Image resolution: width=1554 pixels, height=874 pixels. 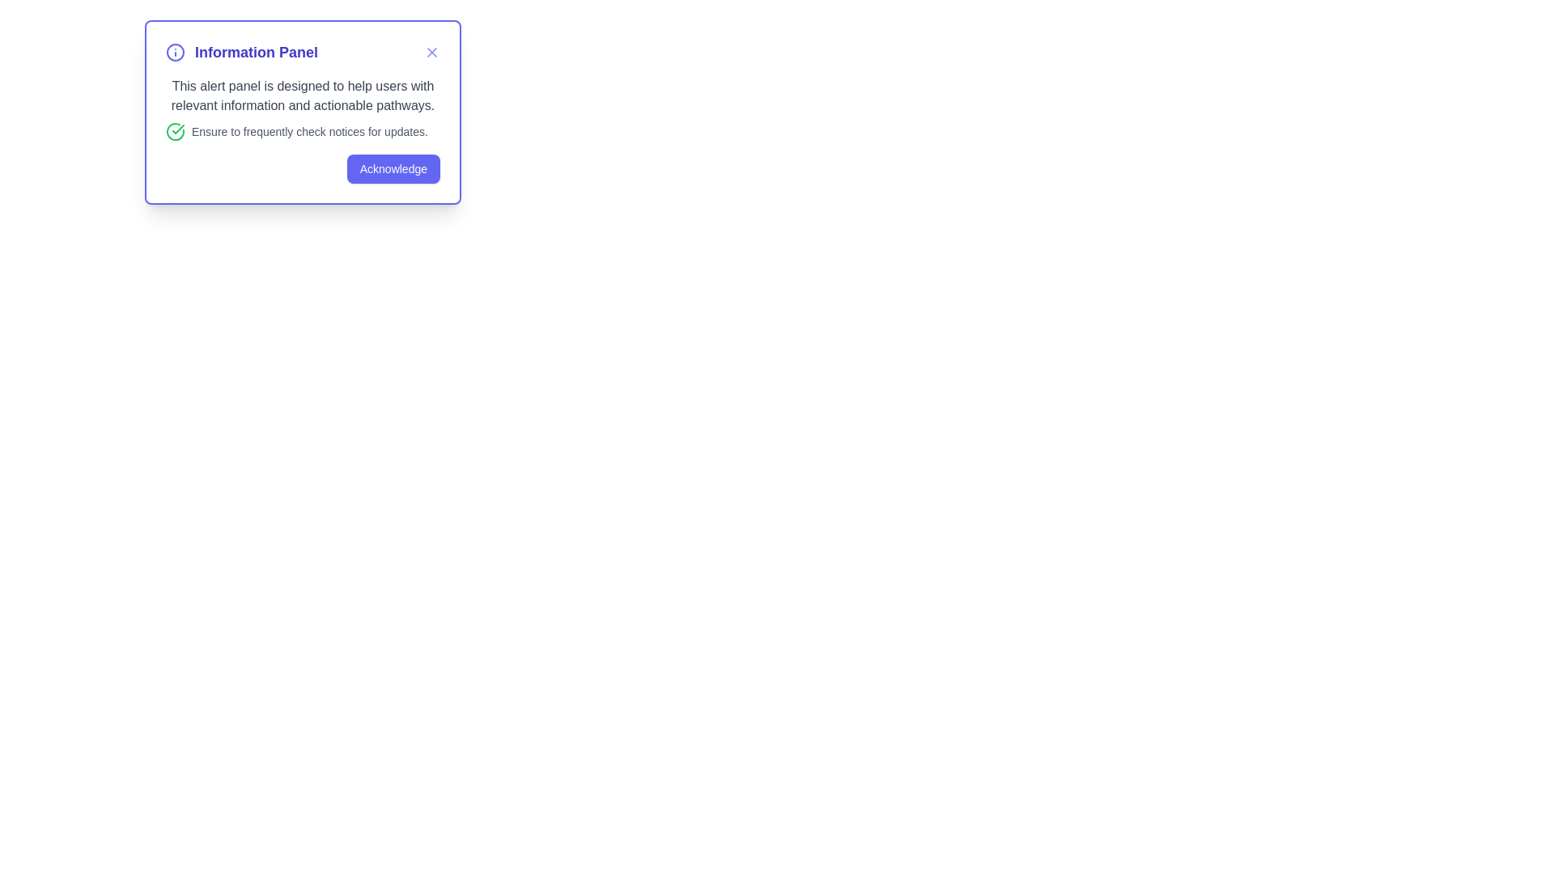 I want to click on the Informational text block element located in the alert panel below the title 'Information Panel', so click(x=303, y=109).